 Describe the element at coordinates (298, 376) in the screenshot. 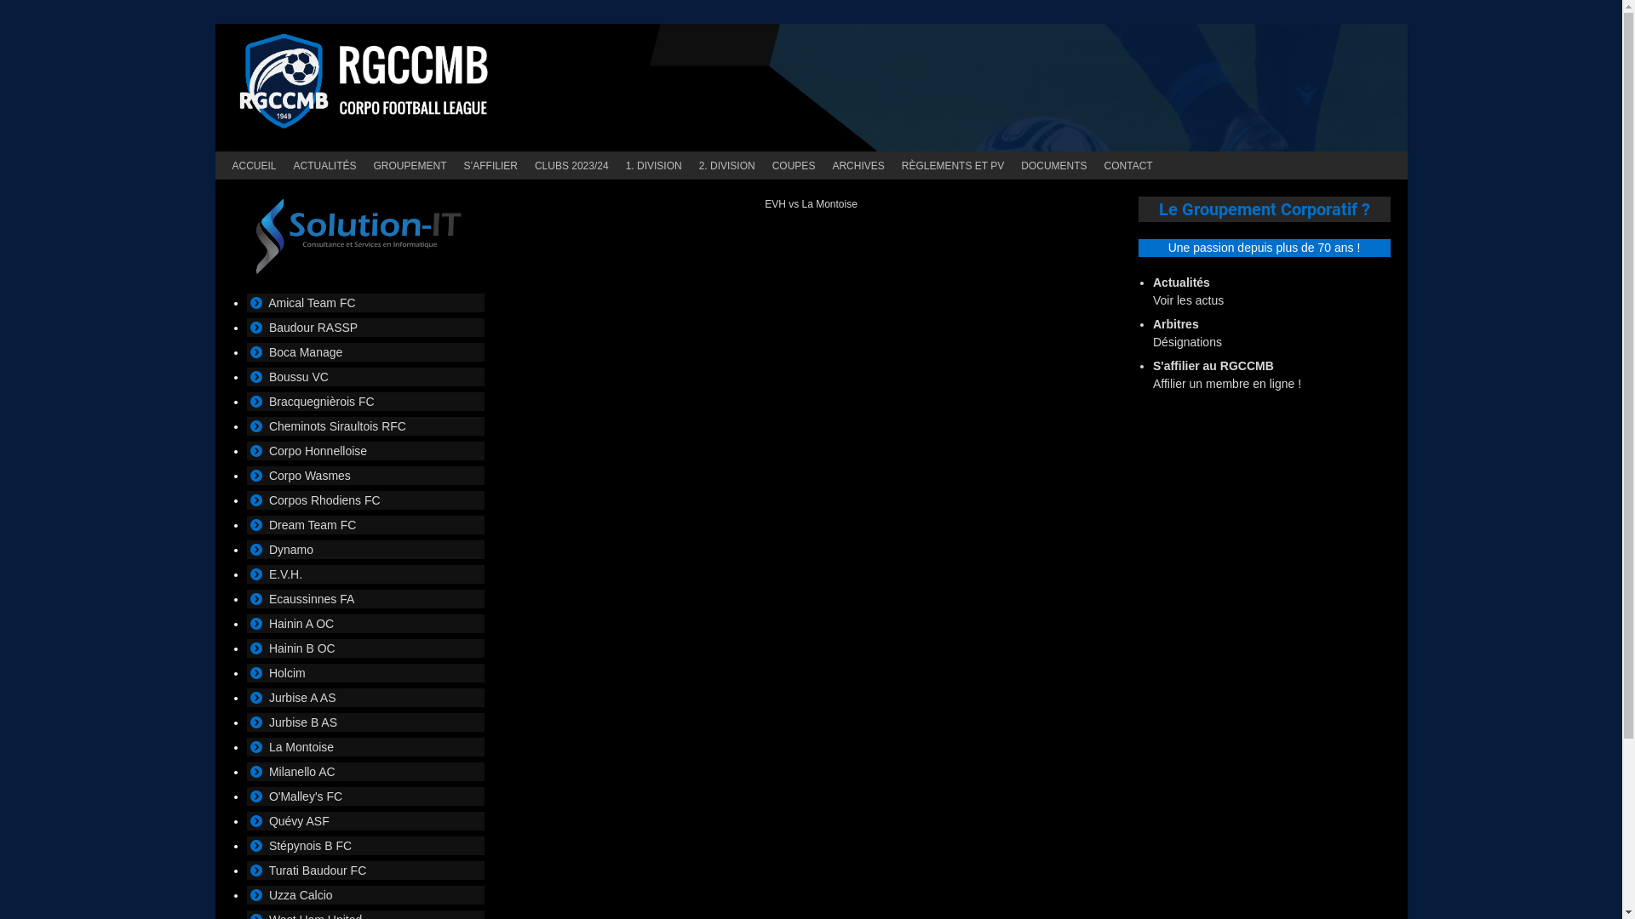

I see `'Boussu VC'` at that location.